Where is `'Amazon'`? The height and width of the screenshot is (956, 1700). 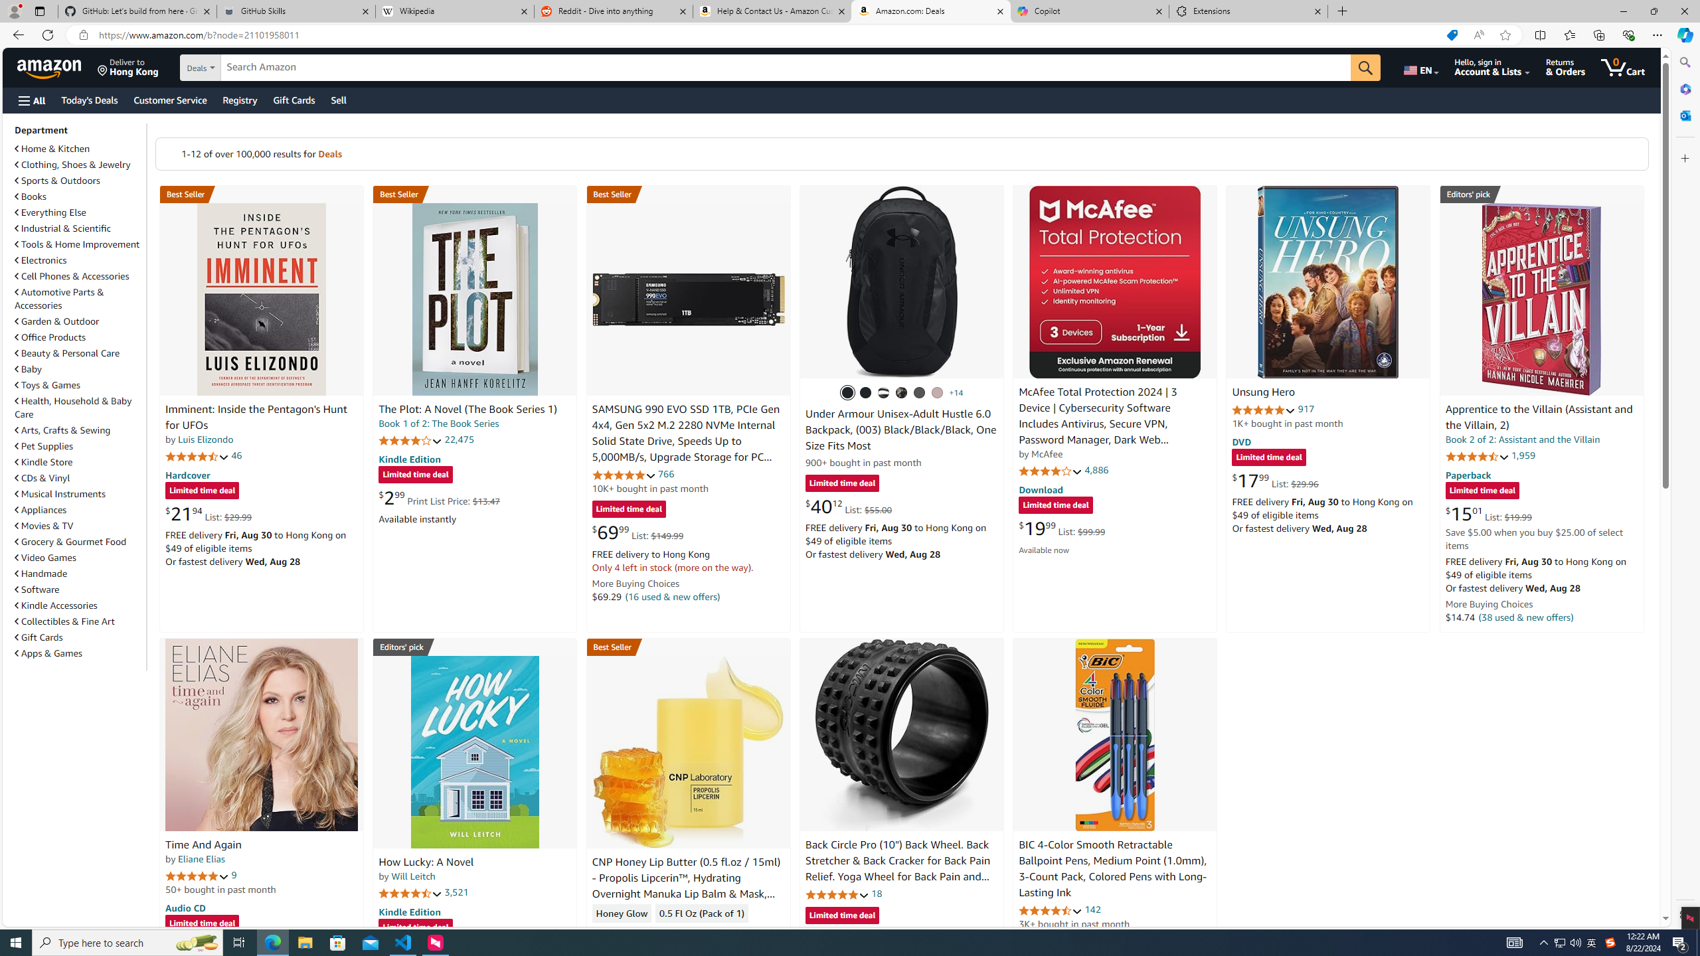
'Amazon' is located at coordinates (50, 66).